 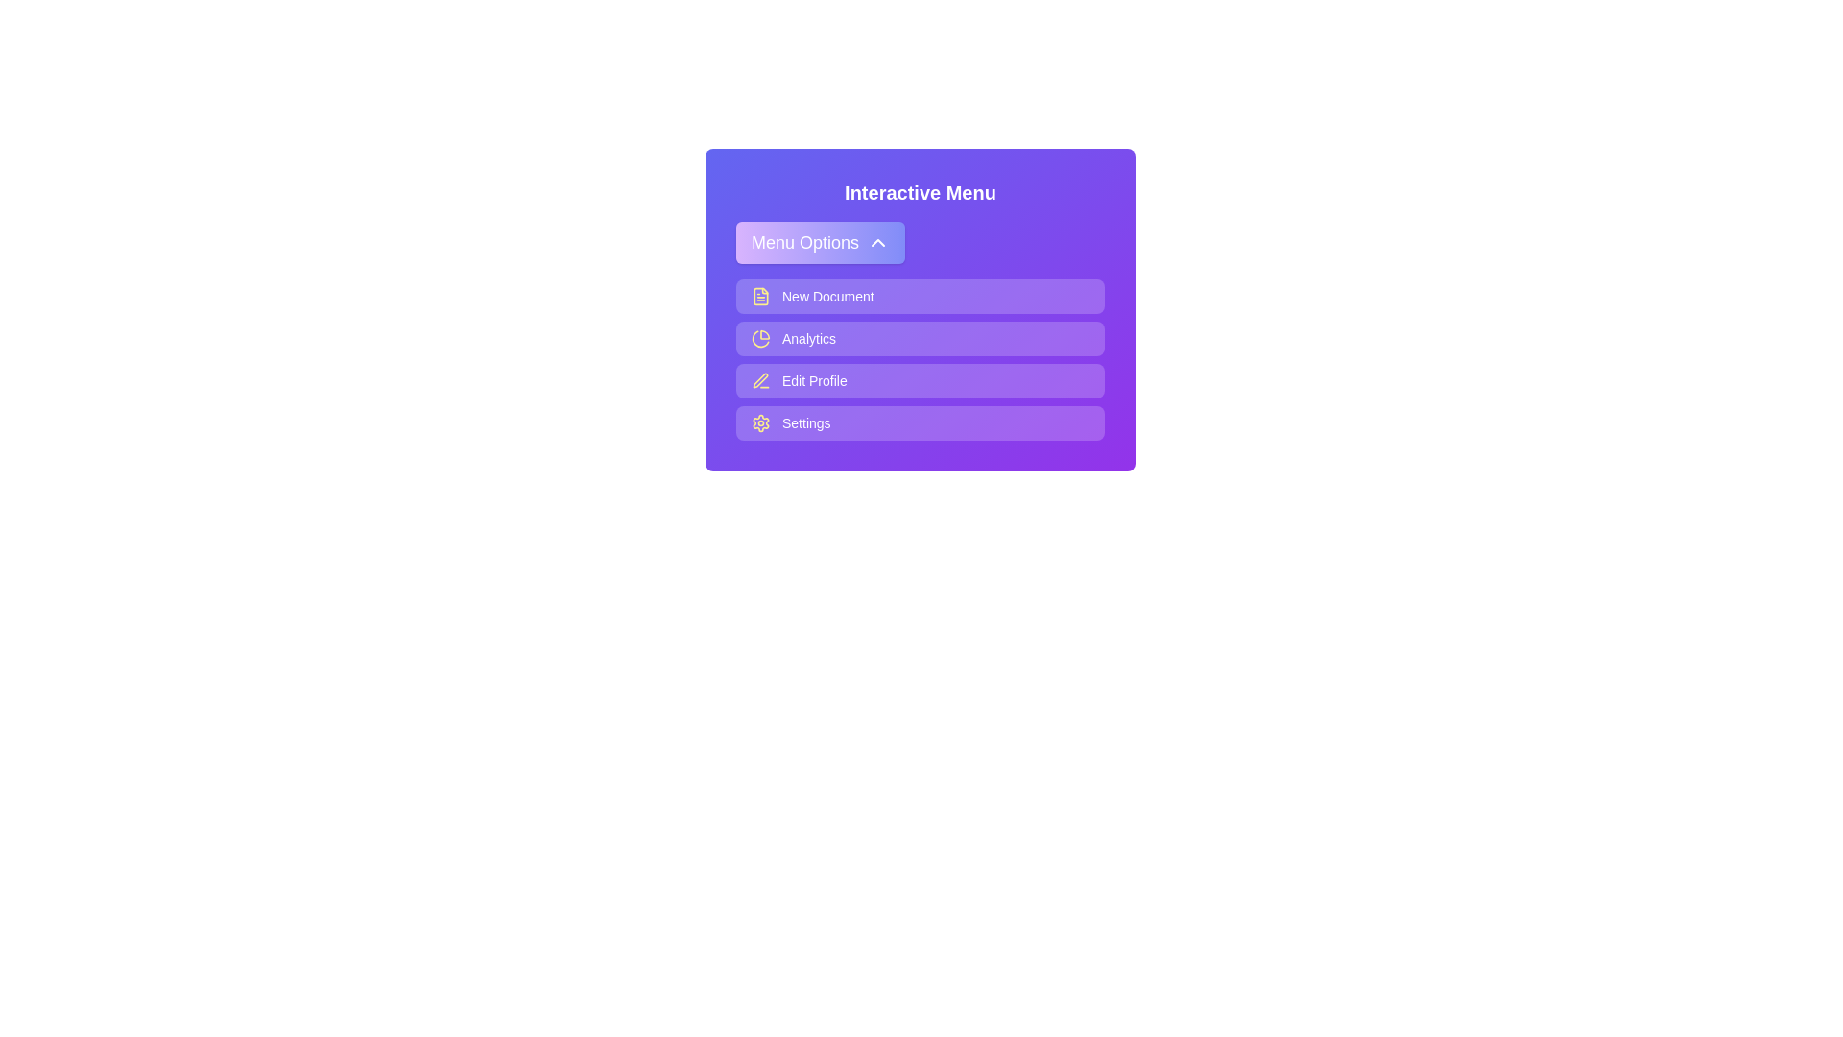 I want to click on the decorative icon indicator for the 'Edit Profile' menu option, located to the left of the descriptive text 'Edit Profile', so click(x=759, y=381).